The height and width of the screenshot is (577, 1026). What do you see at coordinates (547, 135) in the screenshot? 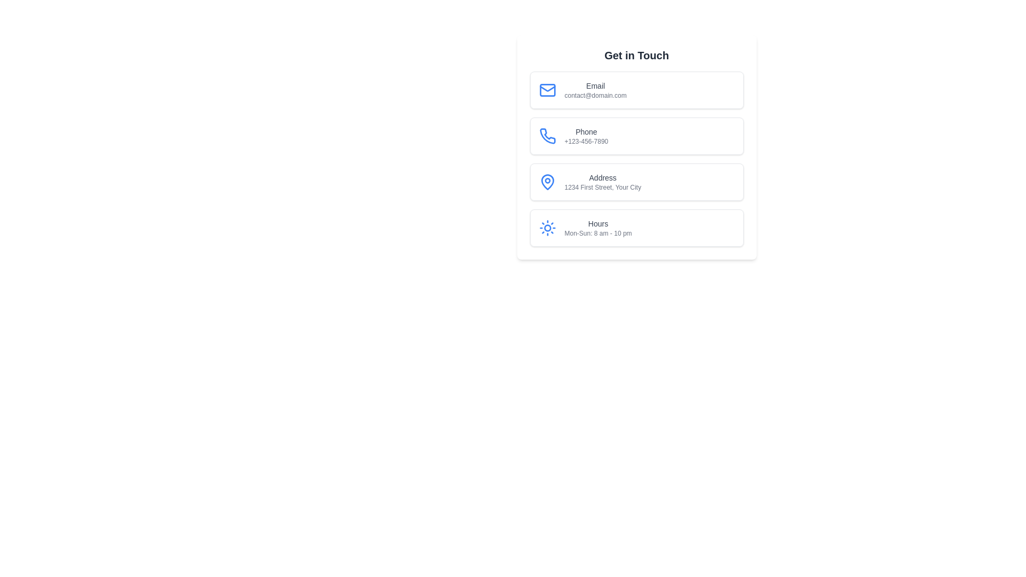
I see `the phone contact icon located in the 'Get in Touch' card, positioned between the 'Email' icon above and the 'Address' icon below` at bounding box center [547, 135].